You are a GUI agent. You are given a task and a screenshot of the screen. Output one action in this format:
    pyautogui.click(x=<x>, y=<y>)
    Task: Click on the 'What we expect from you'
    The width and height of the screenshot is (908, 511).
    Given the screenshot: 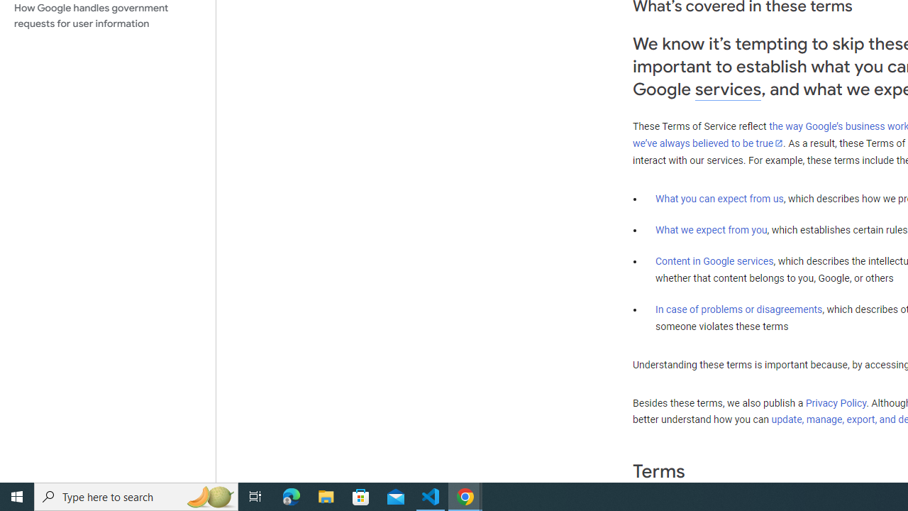 What is the action you would take?
    pyautogui.click(x=711, y=229)
    